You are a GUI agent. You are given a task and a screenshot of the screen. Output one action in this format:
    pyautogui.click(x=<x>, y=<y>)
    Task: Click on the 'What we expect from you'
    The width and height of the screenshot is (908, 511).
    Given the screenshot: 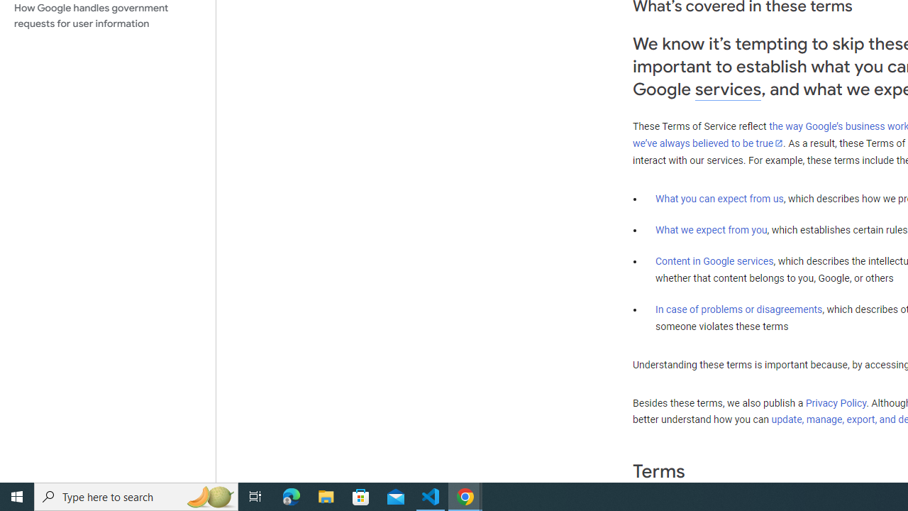 What is the action you would take?
    pyautogui.click(x=711, y=229)
    